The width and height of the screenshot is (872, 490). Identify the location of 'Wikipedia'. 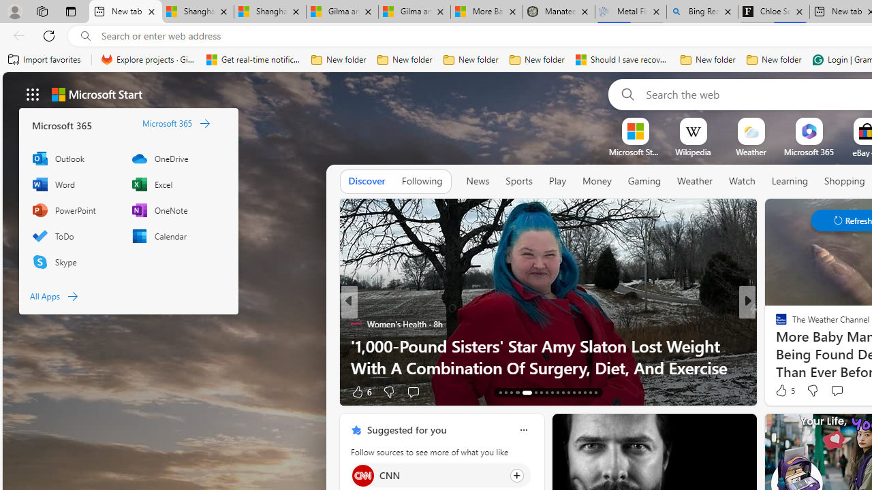
(693, 152).